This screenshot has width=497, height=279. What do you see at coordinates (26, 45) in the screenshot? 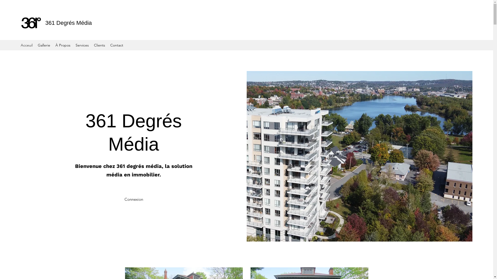
I see `'Acceuil'` at bounding box center [26, 45].